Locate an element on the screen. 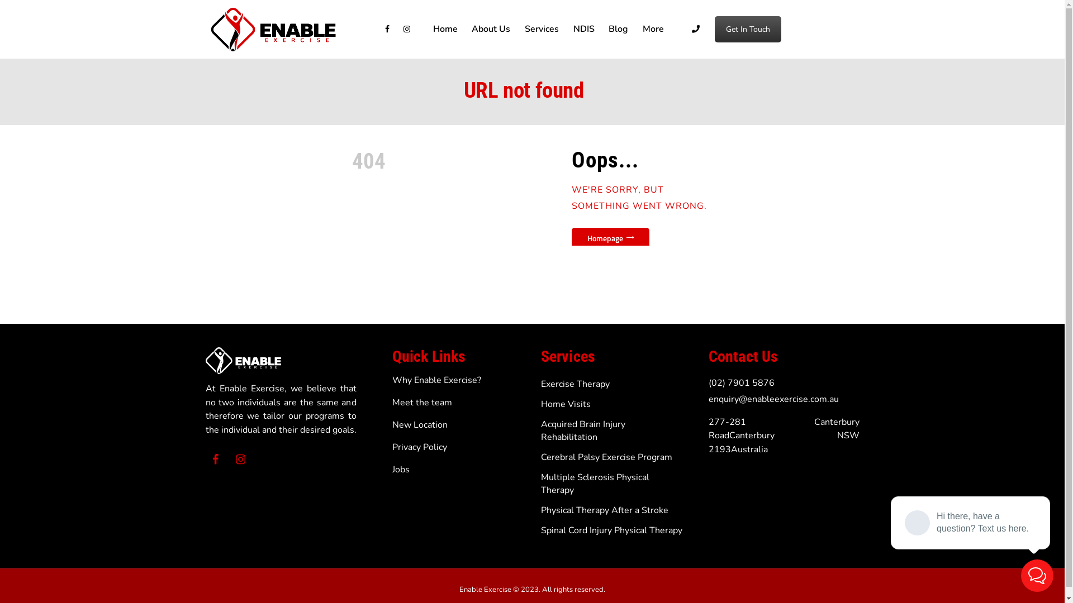  'Spinal Cord Injury Physical Therapy' is located at coordinates (541, 529).